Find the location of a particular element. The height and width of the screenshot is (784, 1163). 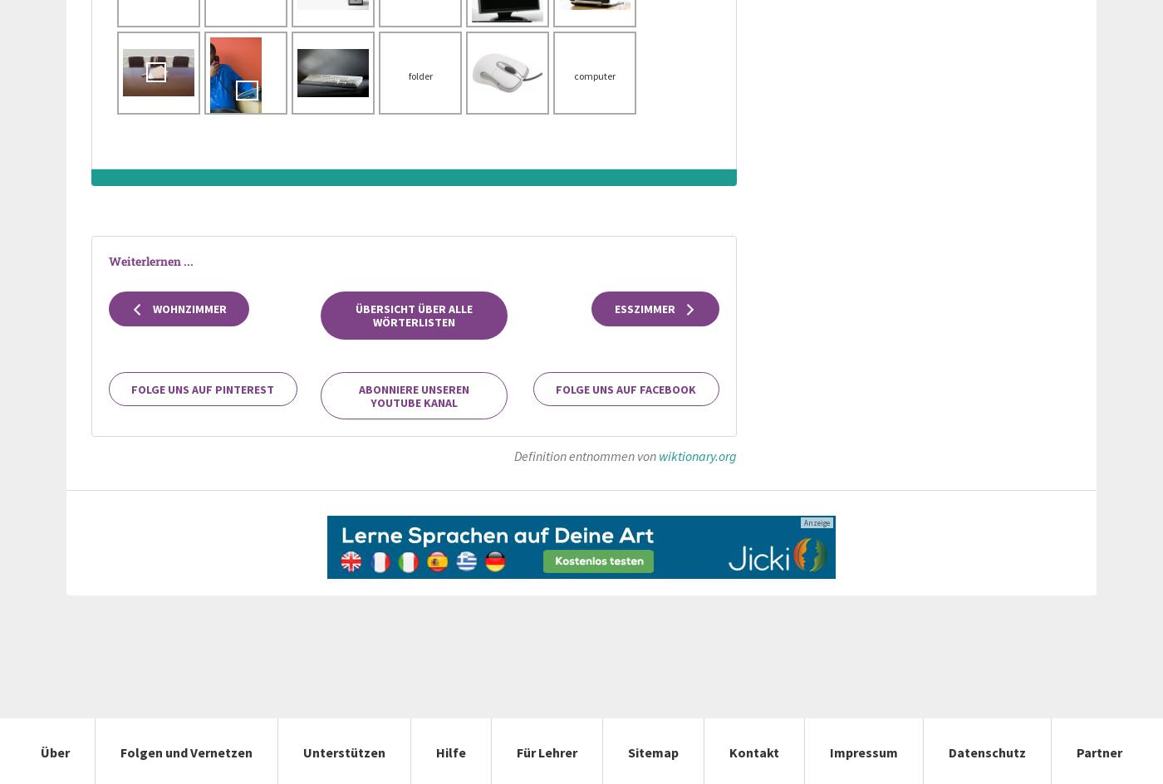

'Folge uns auf Facebook' is located at coordinates (556, 388).